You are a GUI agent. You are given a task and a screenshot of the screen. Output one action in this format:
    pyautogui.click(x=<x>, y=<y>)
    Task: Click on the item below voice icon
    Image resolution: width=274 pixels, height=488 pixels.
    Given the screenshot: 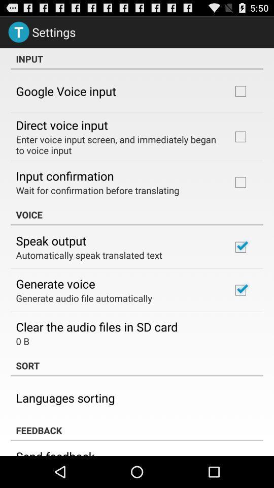 What is the action you would take?
    pyautogui.click(x=50, y=240)
    